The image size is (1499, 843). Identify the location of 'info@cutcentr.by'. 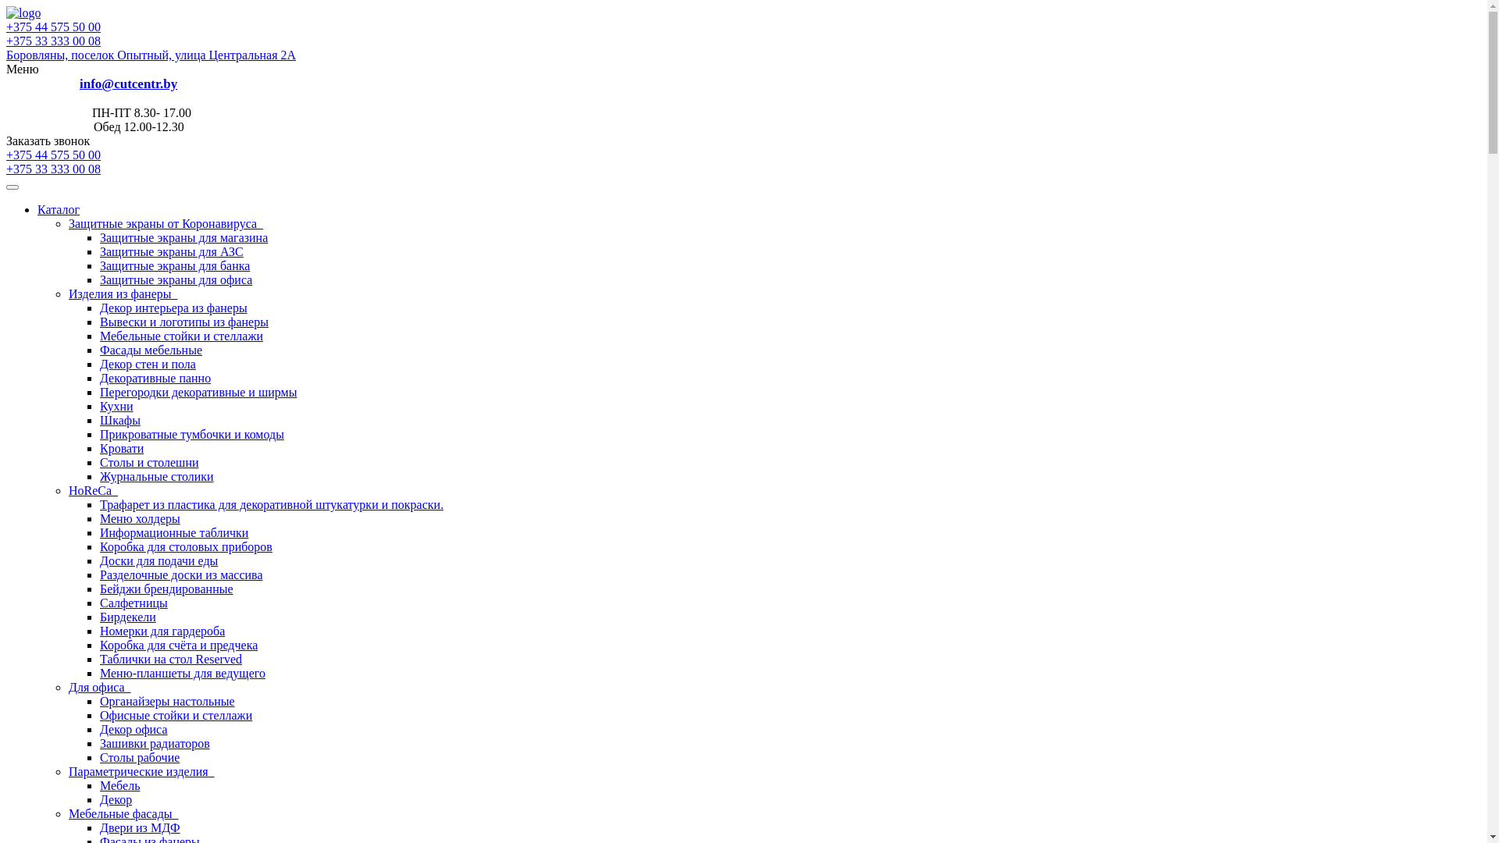
(128, 84).